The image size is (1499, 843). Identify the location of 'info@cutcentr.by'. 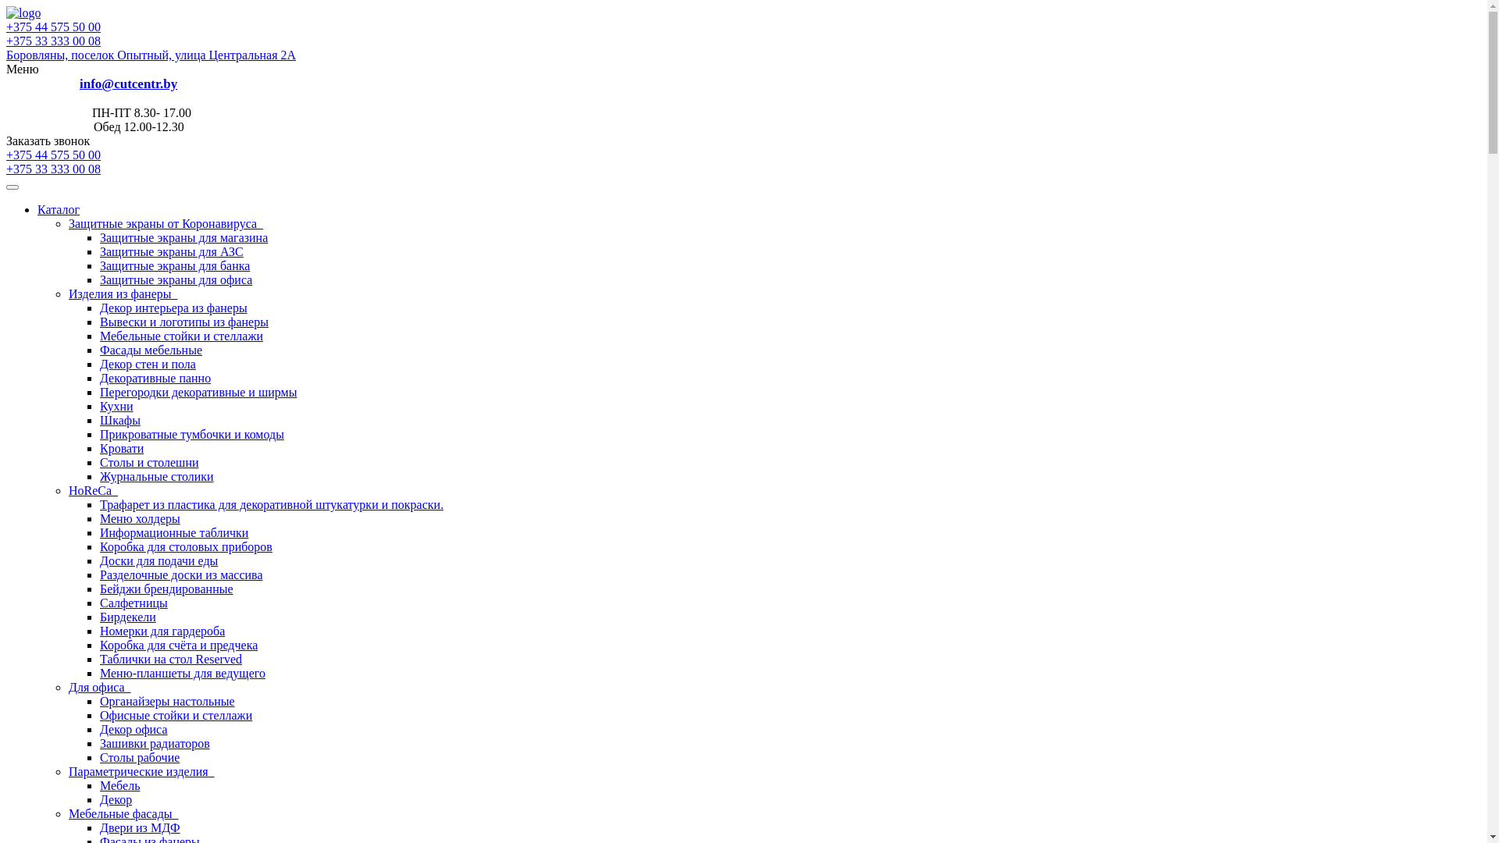
(128, 84).